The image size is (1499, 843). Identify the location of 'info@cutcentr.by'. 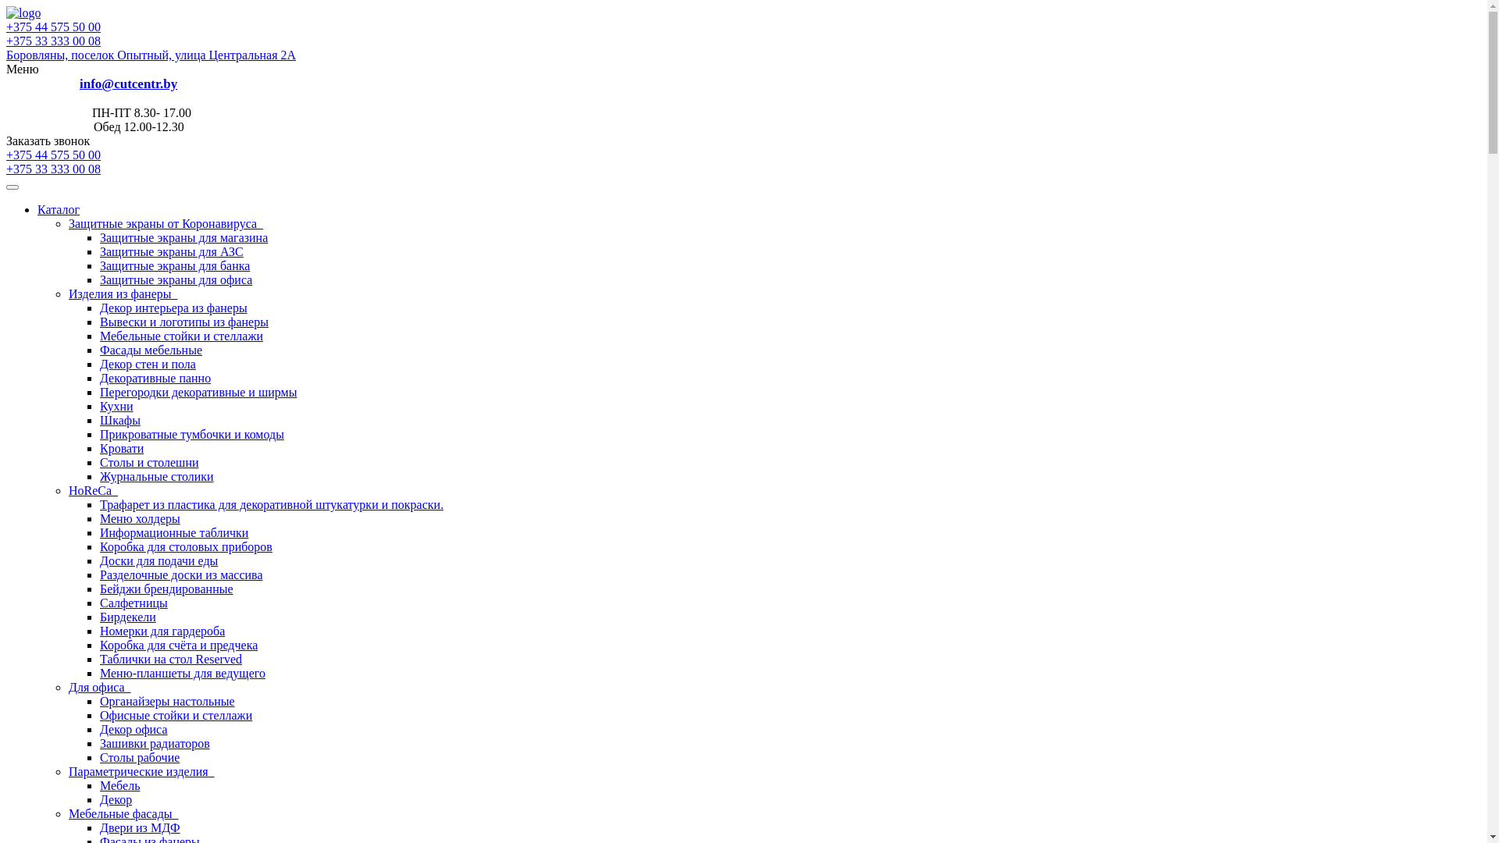
(128, 84).